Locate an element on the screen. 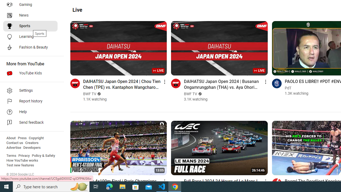  'Fashion & Beauty' is located at coordinates (30, 47).